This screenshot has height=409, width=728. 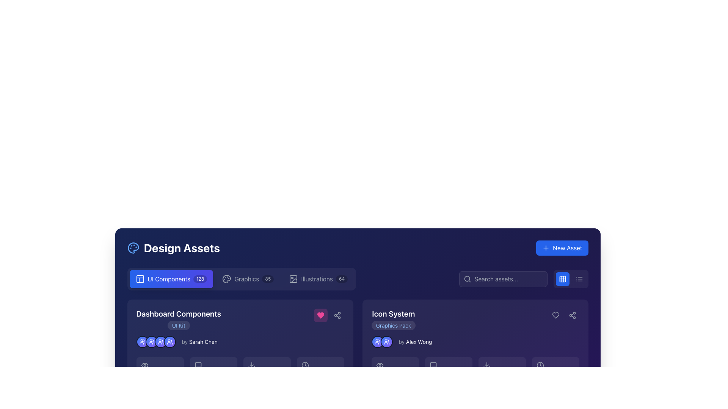 What do you see at coordinates (320, 315) in the screenshot?
I see `the heart-shaped icon button located in the top-right corner of the 'Dashboard Components' card to mark it as a favorite` at bounding box center [320, 315].